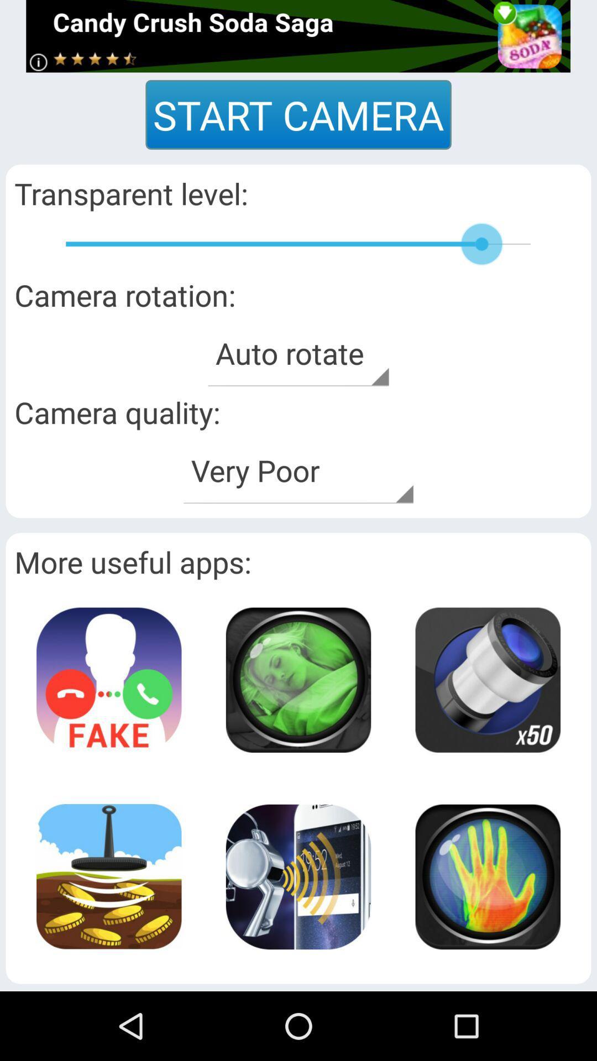 This screenshot has width=597, height=1061. I want to click on light setting, so click(487, 679).